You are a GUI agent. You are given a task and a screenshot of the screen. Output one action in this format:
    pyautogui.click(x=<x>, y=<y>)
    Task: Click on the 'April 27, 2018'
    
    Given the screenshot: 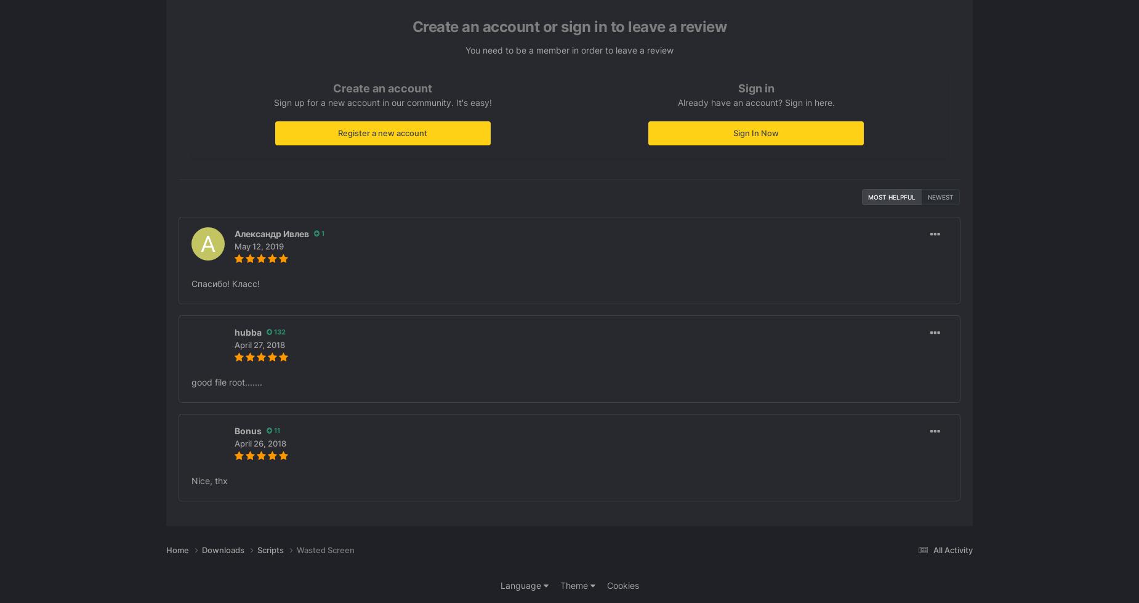 What is the action you would take?
    pyautogui.click(x=259, y=344)
    